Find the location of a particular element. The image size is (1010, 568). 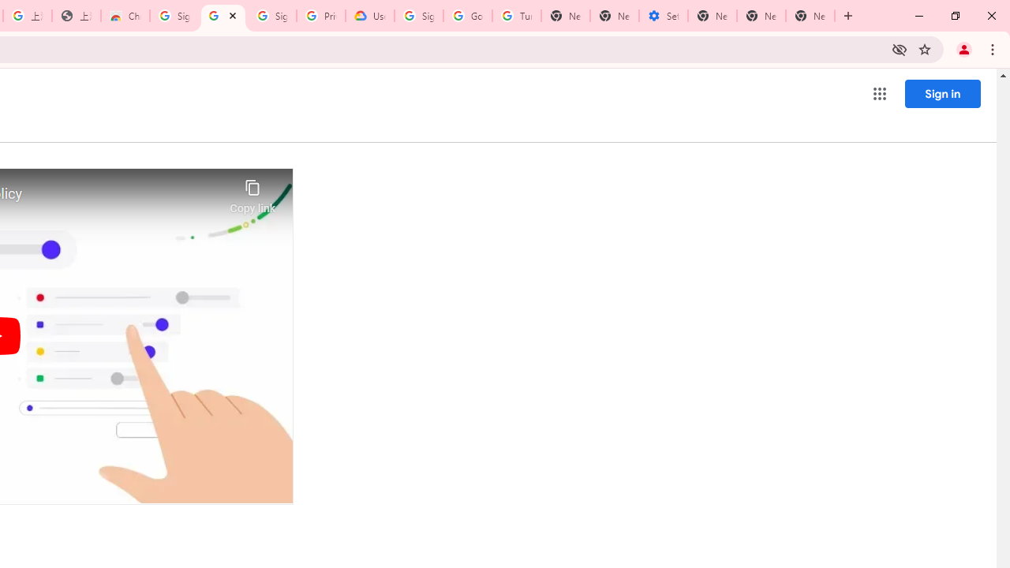

'Settings - System' is located at coordinates (663, 16).